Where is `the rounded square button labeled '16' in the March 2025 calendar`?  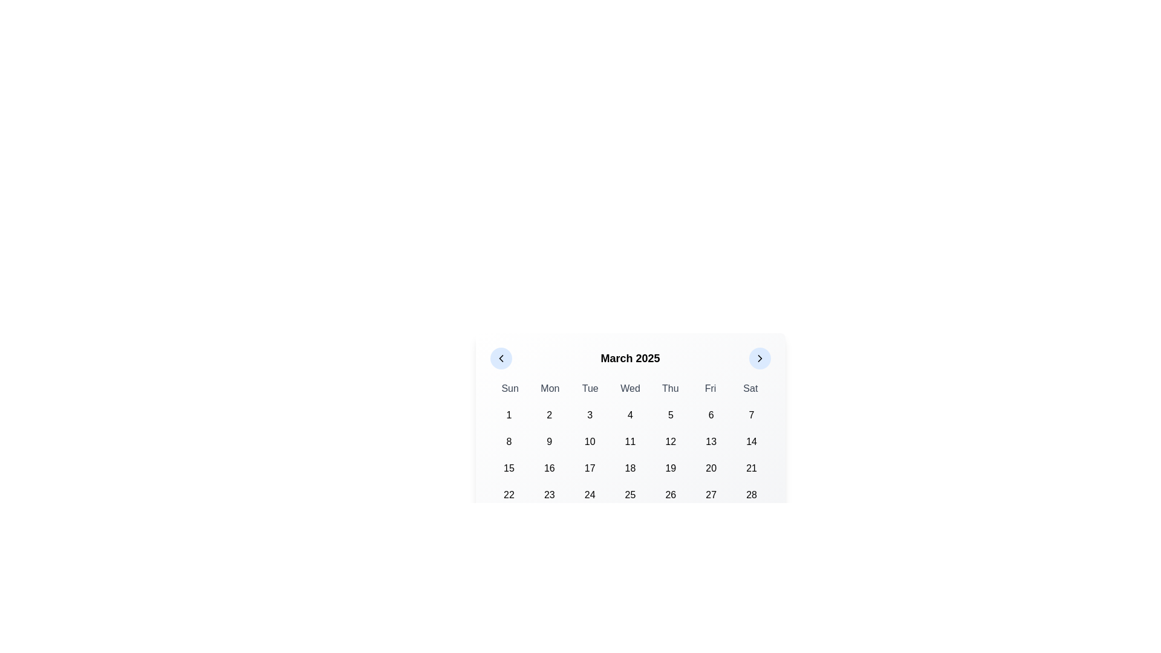 the rounded square button labeled '16' in the March 2025 calendar is located at coordinates (548, 468).